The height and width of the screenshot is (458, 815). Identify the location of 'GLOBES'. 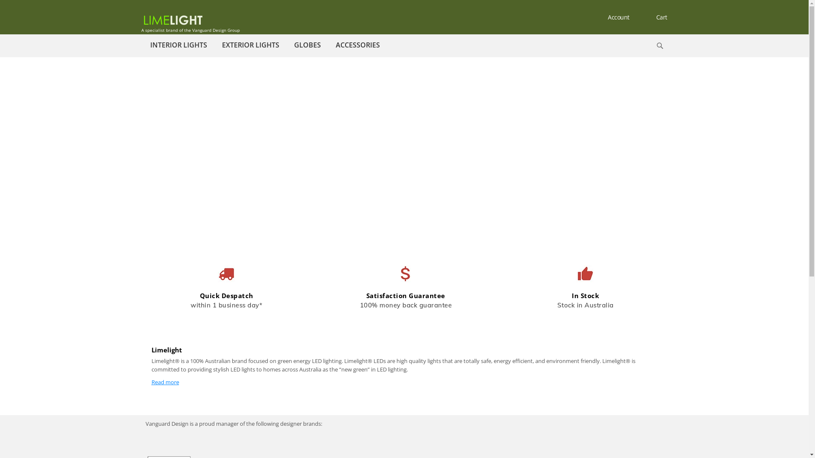
(307, 45).